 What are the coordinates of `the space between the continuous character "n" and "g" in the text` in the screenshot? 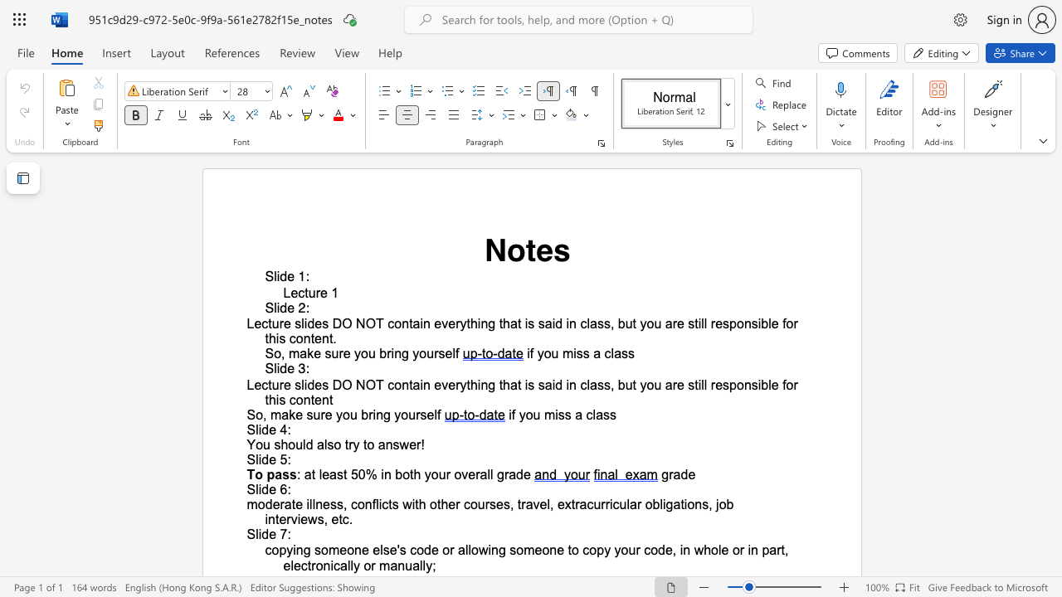 It's located at (487, 323).